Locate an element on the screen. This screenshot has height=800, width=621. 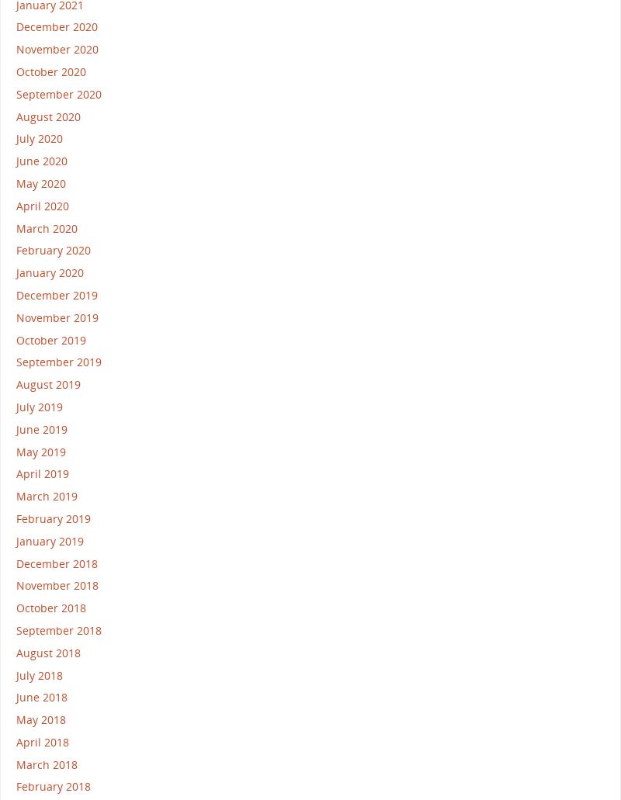
'October 2019' is located at coordinates (50, 339).